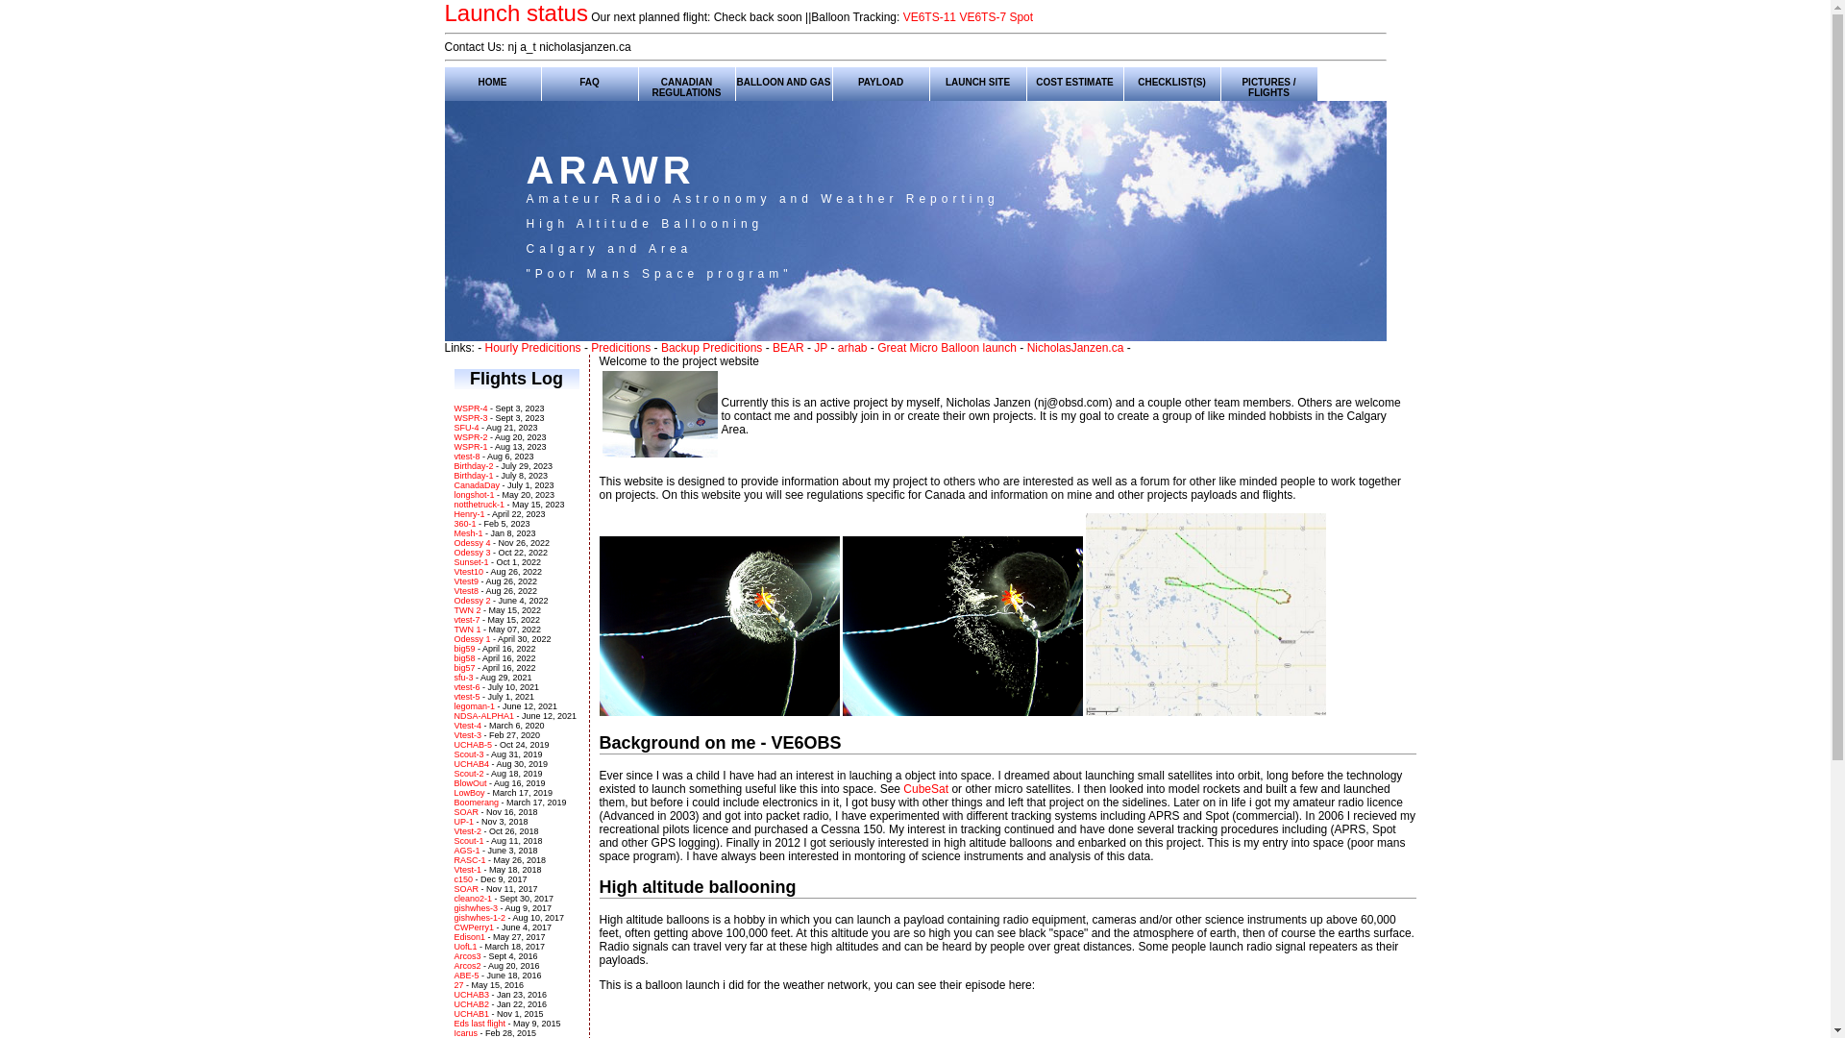 The image size is (1845, 1038). Describe the element at coordinates (1073, 80) in the screenshot. I see `'COST ESTIMATE'` at that location.